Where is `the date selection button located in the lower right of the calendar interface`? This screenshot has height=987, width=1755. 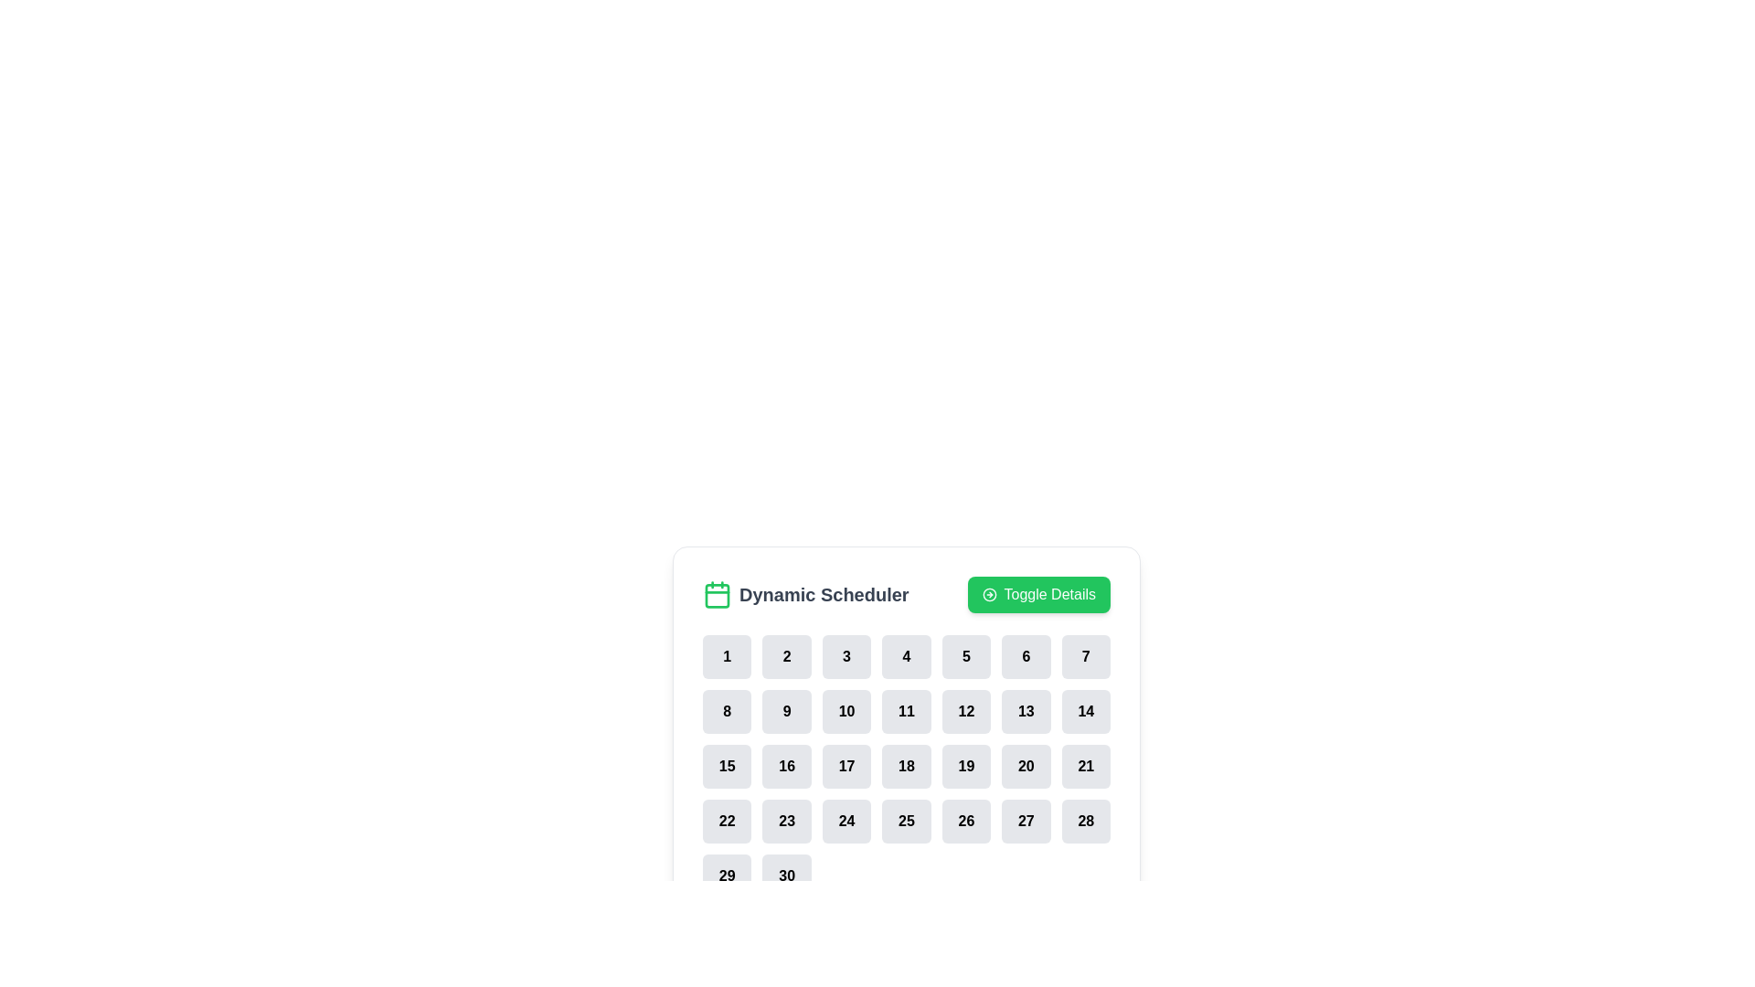 the date selection button located in the lower right of the calendar interface is located at coordinates (1086, 820).